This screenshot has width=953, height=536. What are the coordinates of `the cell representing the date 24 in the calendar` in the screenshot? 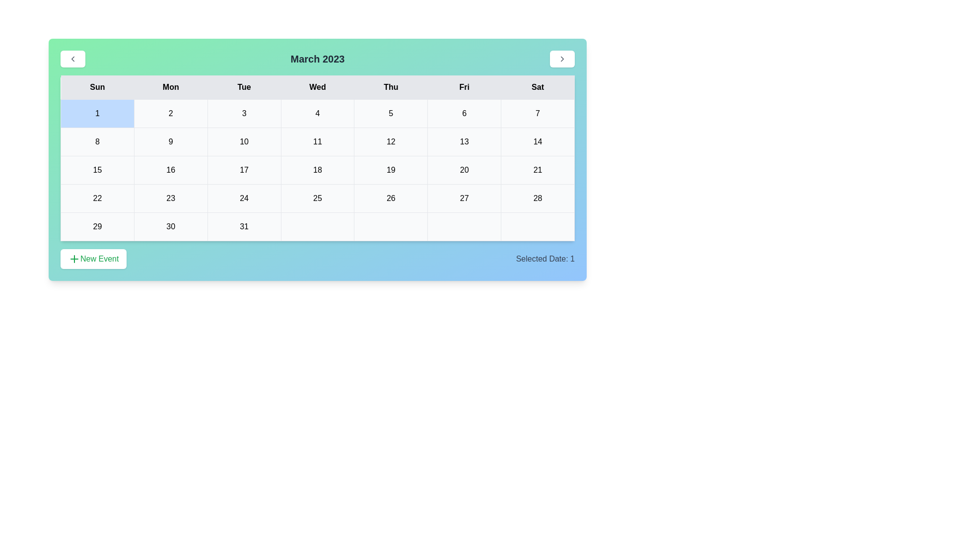 It's located at (244, 199).